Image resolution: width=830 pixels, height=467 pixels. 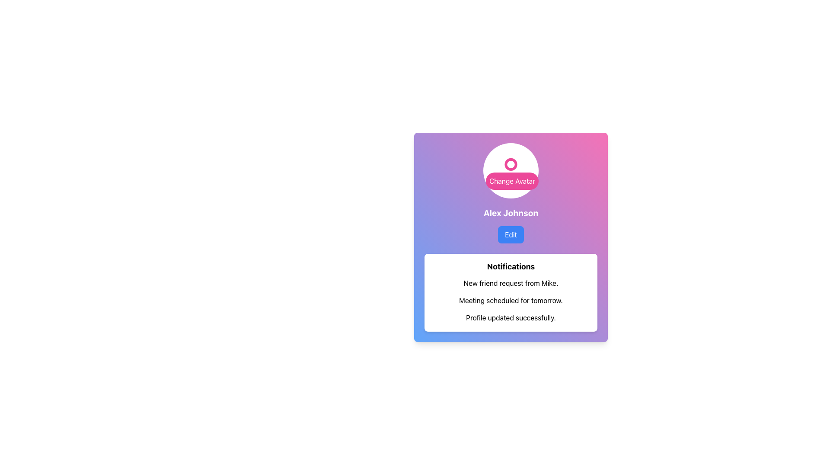 I want to click on the compact, rounded 'Edit' button rendered in blue, located below the user name 'Alex Johnson', so click(x=511, y=237).